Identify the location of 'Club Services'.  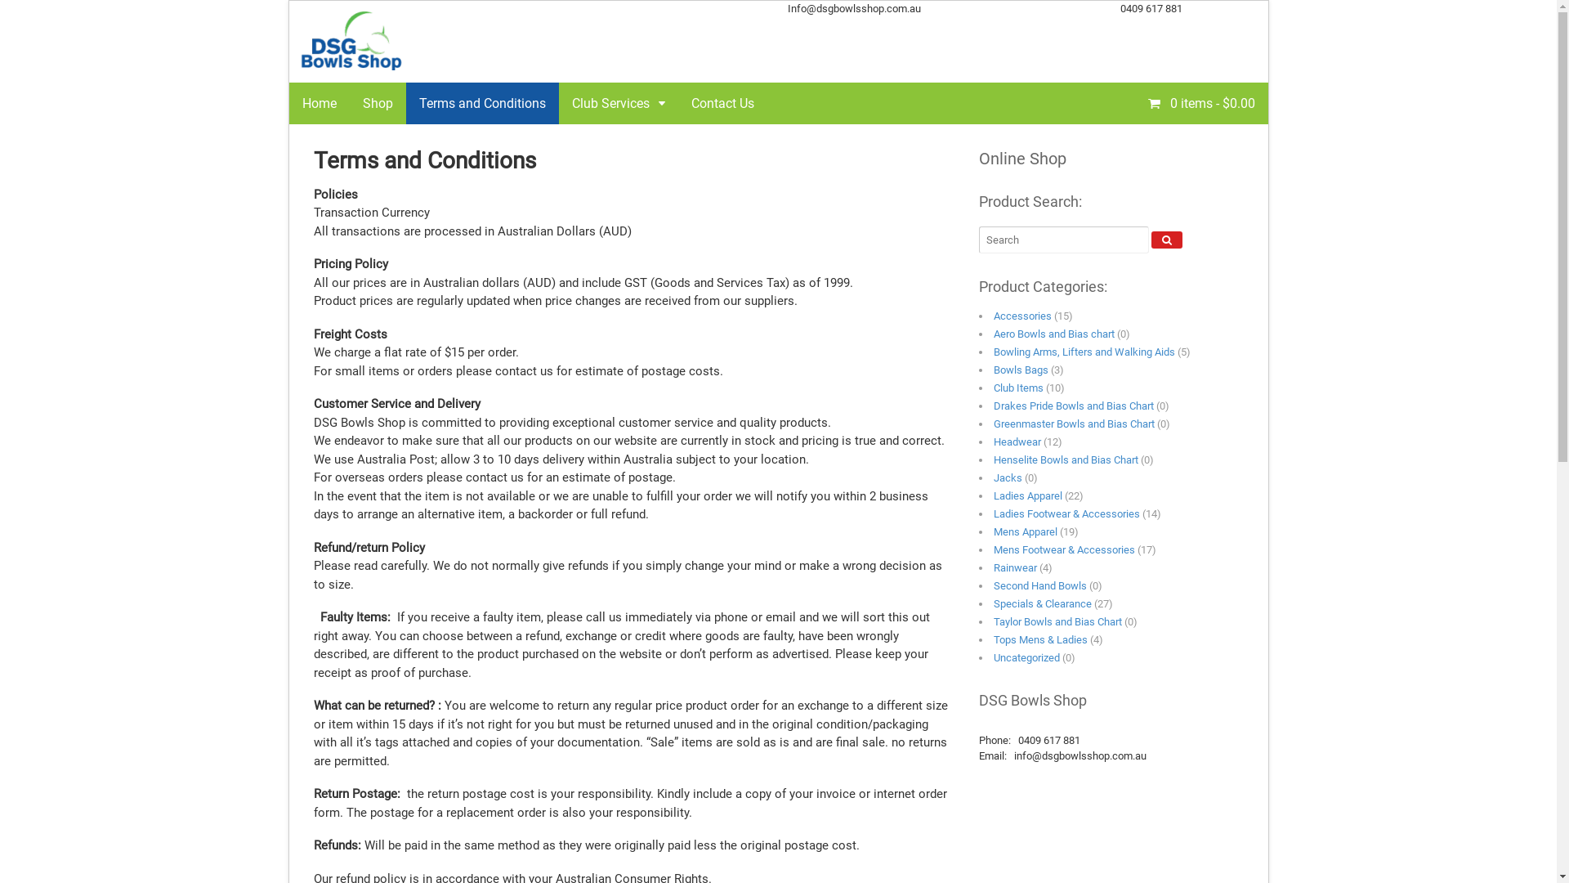
(618, 103).